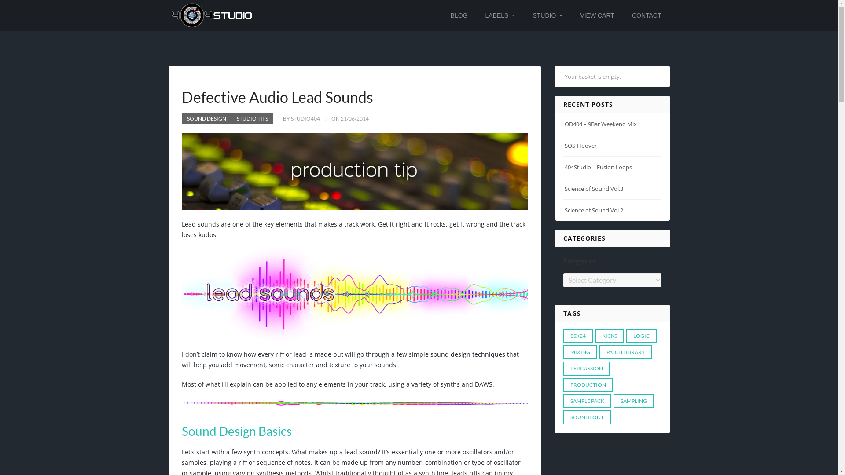 This screenshot has width=845, height=475. I want to click on 'BLOG', so click(444, 15).